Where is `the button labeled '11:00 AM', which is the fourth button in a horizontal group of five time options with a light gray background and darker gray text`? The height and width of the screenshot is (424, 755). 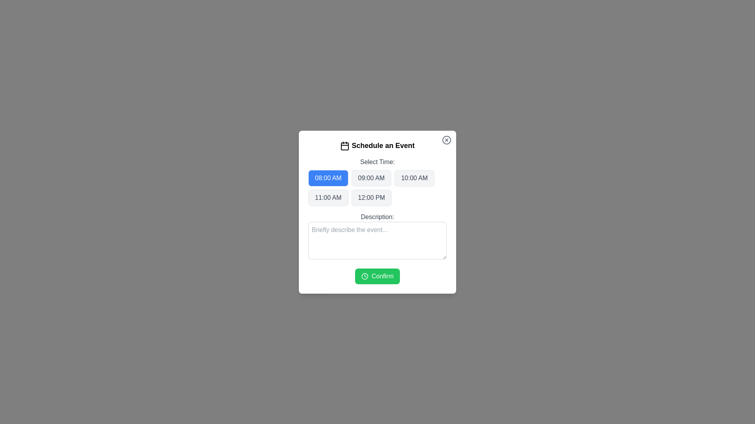
the button labeled '11:00 AM', which is the fourth button in a horizontal group of five time options with a light gray background and darker gray text is located at coordinates (328, 197).